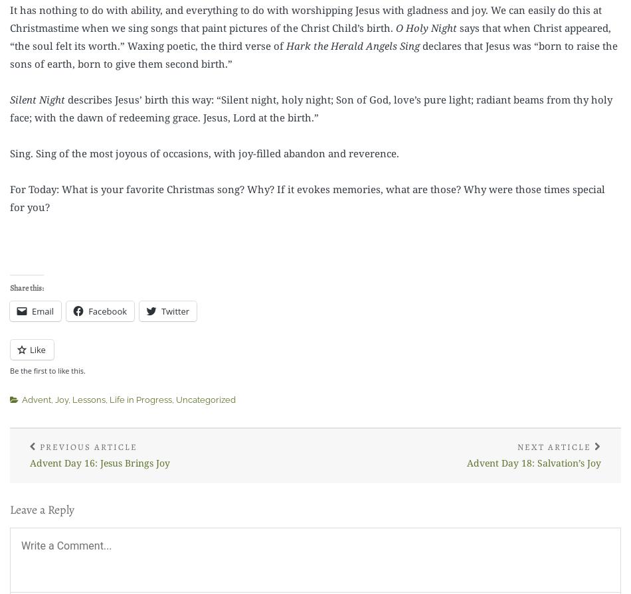 The width and height of the screenshot is (631, 594). I want to click on 'Sing. Sing of the most joyous of occasions, with joy-filled abandon and reverence.', so click(203, 153).